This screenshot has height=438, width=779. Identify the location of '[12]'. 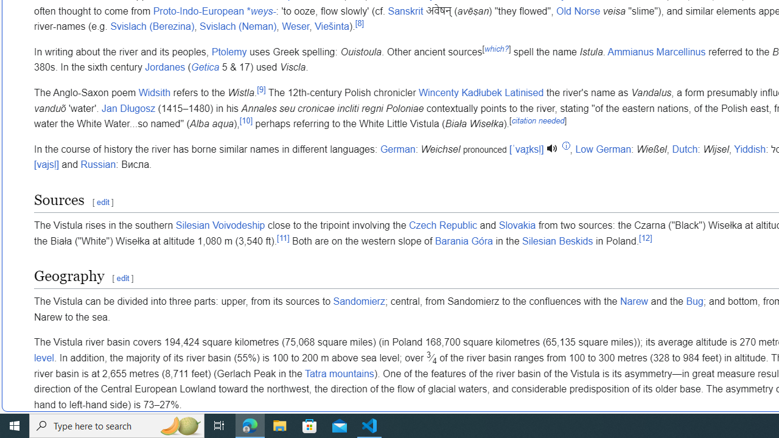
(645, 237).